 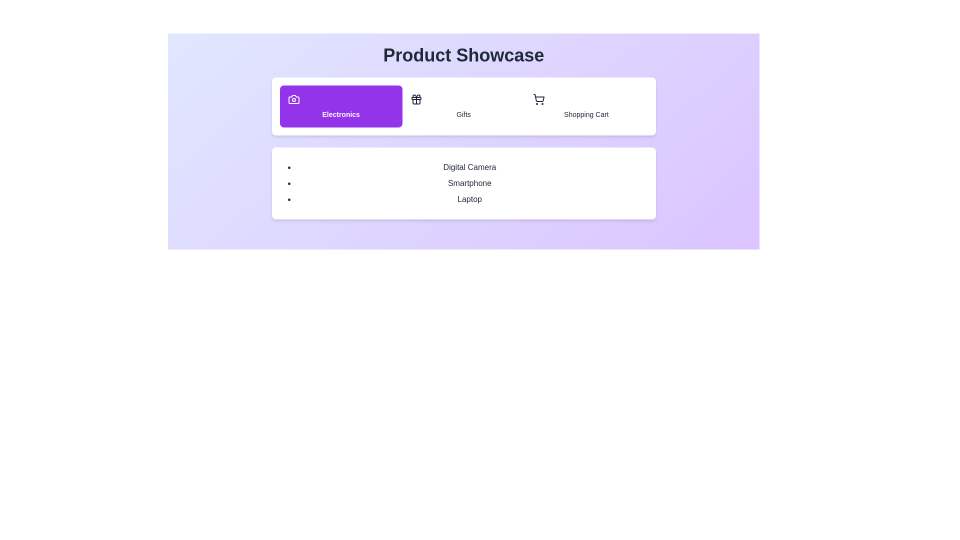 I want to click on the 'Smartphone' text element, which is the second item in the Electronics list, located between 'Digital Camera' and 'Laptop', so click(x=469, y=183).